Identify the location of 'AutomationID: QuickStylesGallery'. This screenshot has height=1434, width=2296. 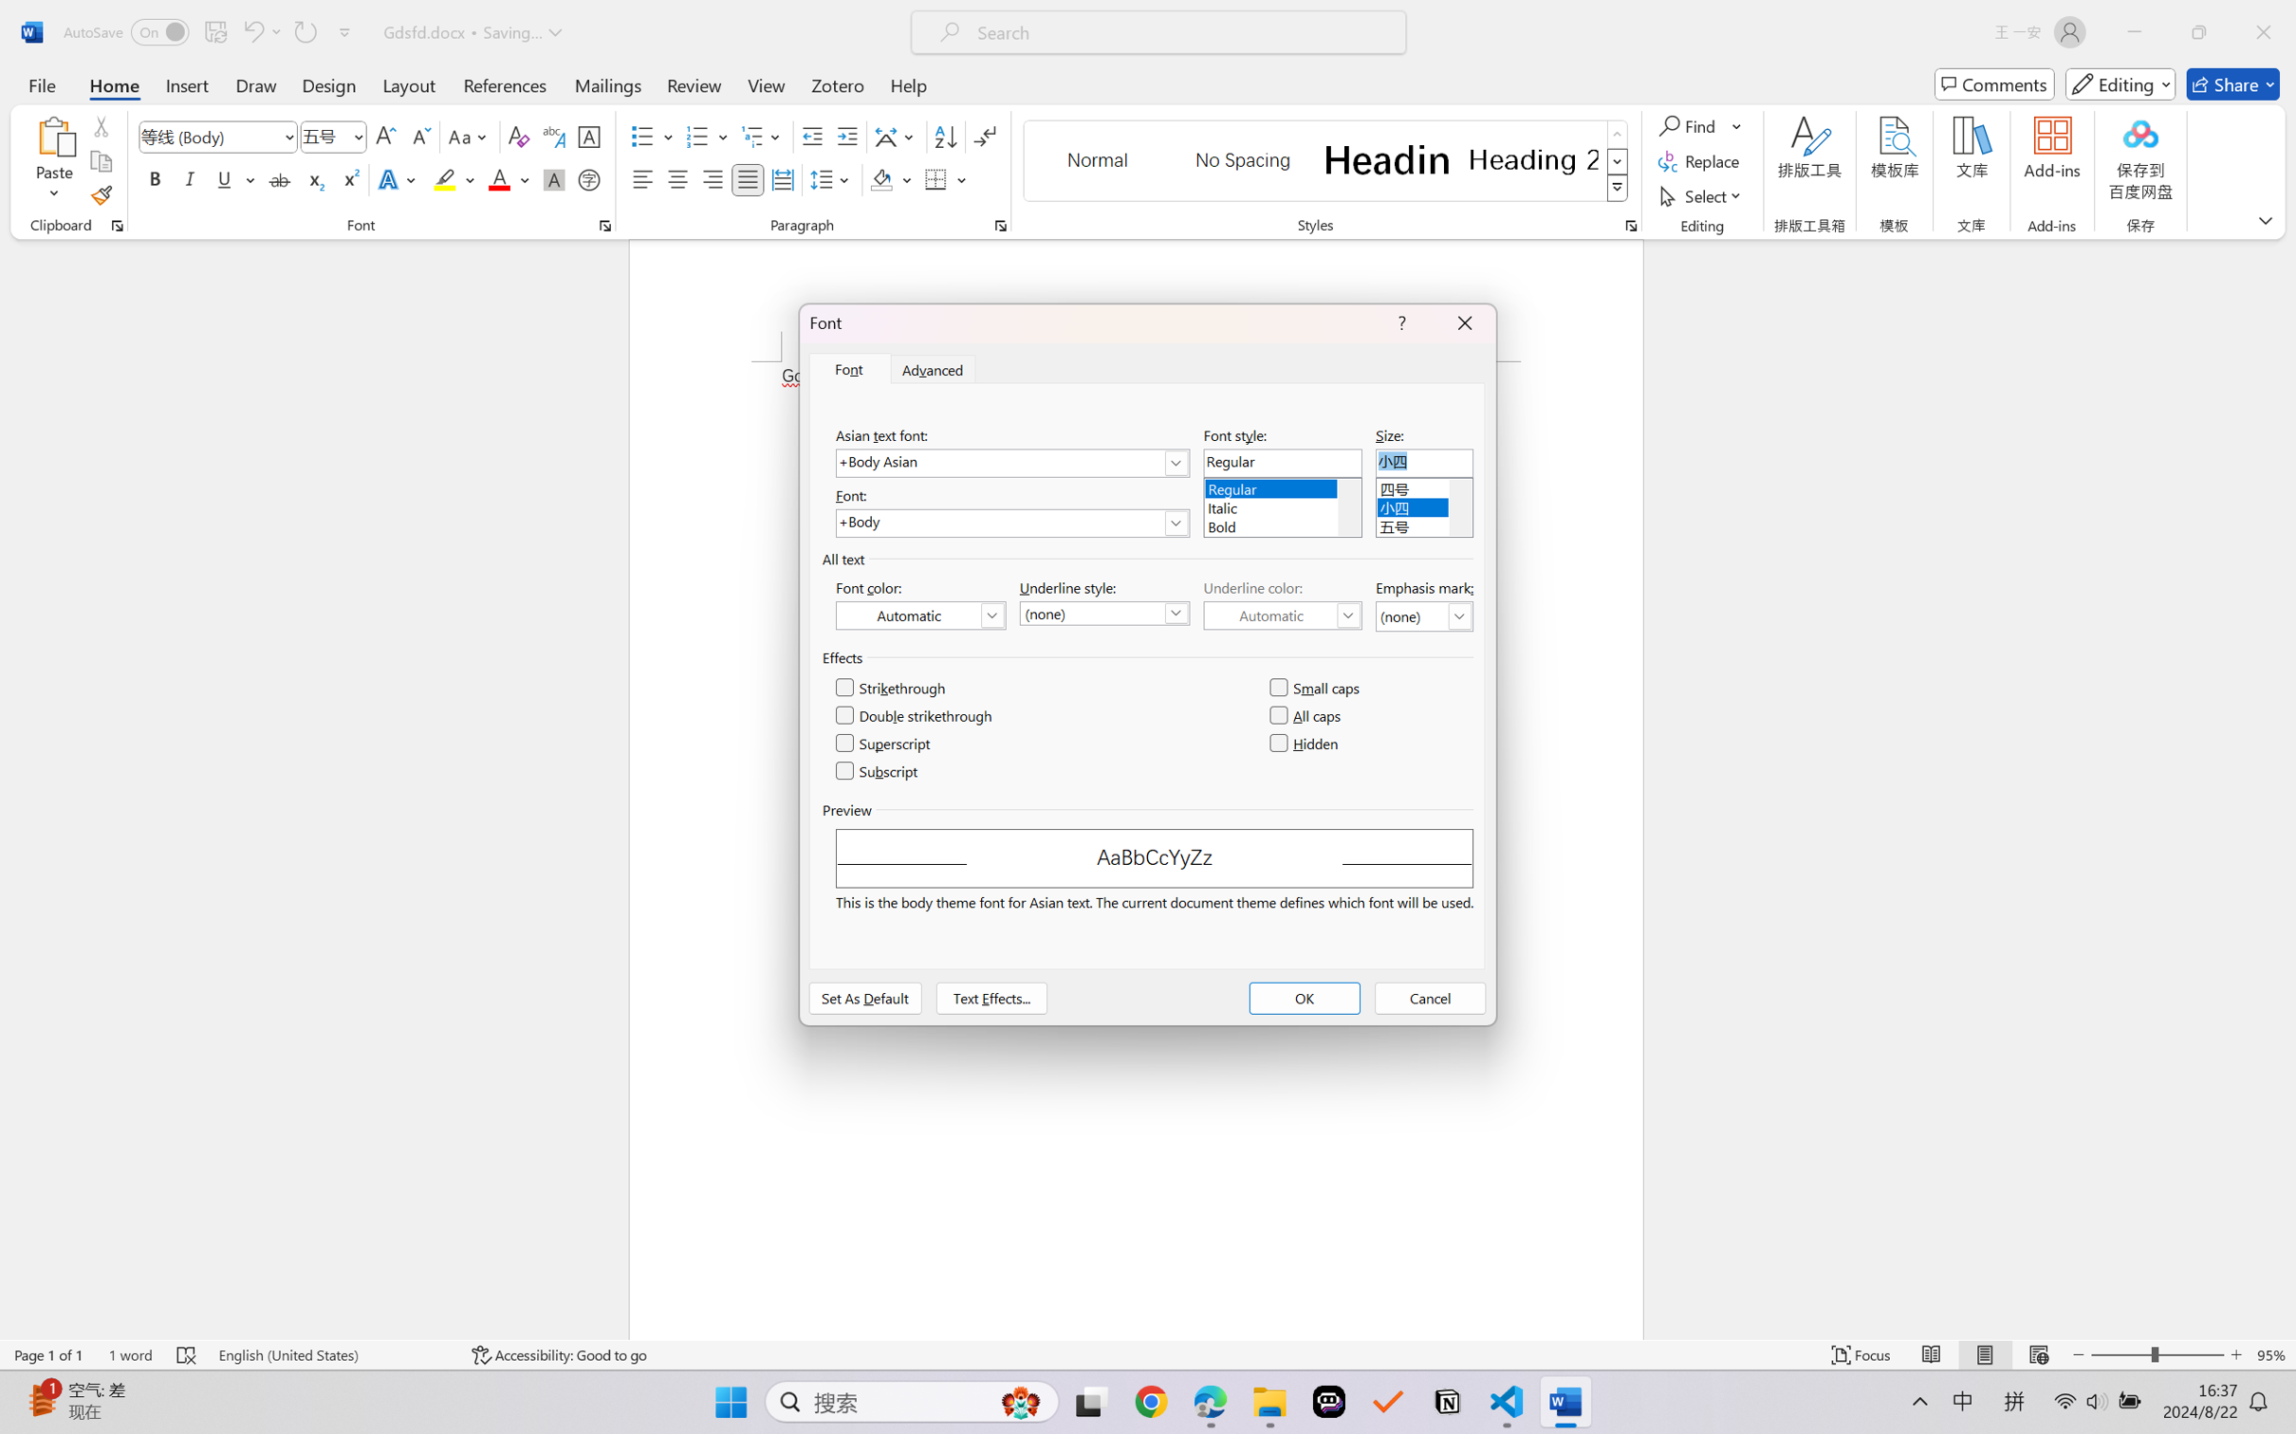
(1325, 161).